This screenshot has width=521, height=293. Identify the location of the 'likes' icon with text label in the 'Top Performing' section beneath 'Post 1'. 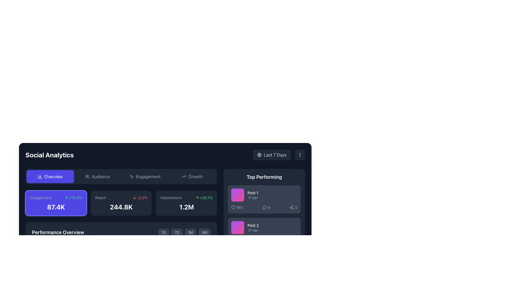
(237, 207).